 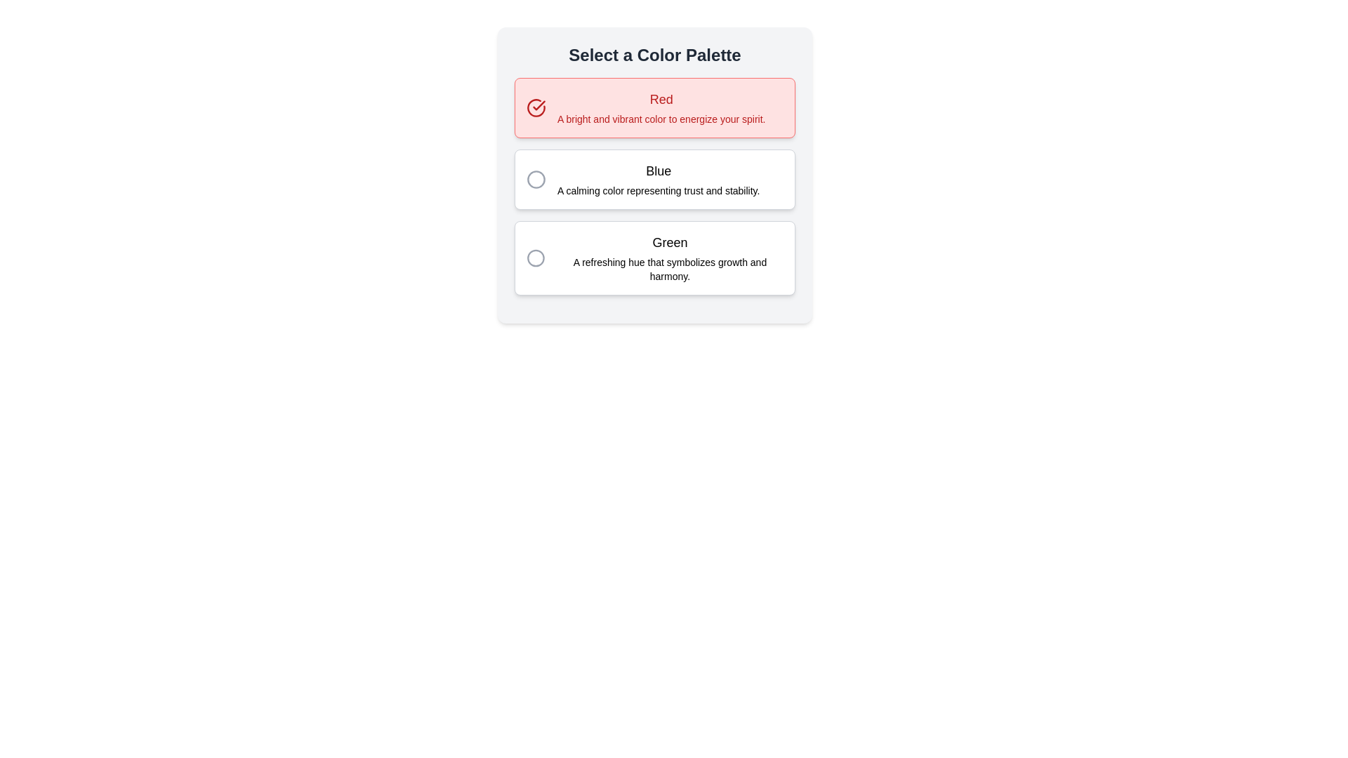 What do you see at coordinates (535, 178) in the screenshot?
I see `the Graphical Icon indicating the selectable state of the 'Blue' option in the color palette list, located in the section titled 'Select a Color Palette'` at bounding box center [535, 178].